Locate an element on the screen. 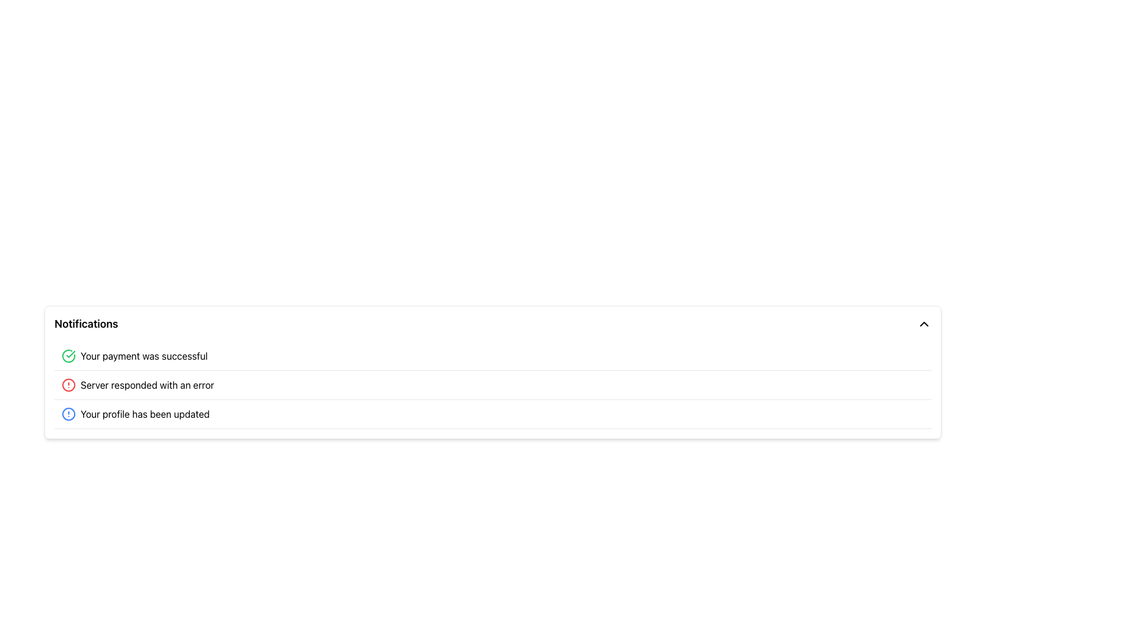 The height and width of the screenshot is (640, 1139). text of the label located at the top-left corner of the notification panel, which serves as the heading for that section is located at coordinates (85, 324).